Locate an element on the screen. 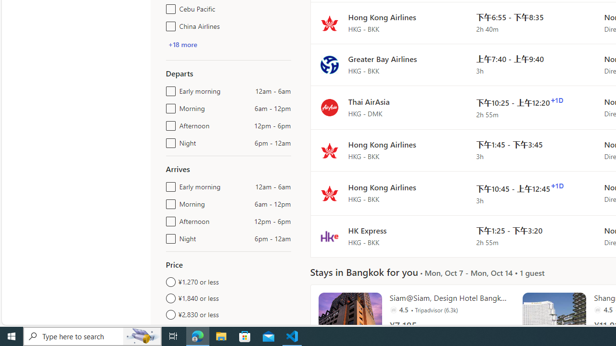  'Night6pm - 12am' is located at coordinates (169, 236).